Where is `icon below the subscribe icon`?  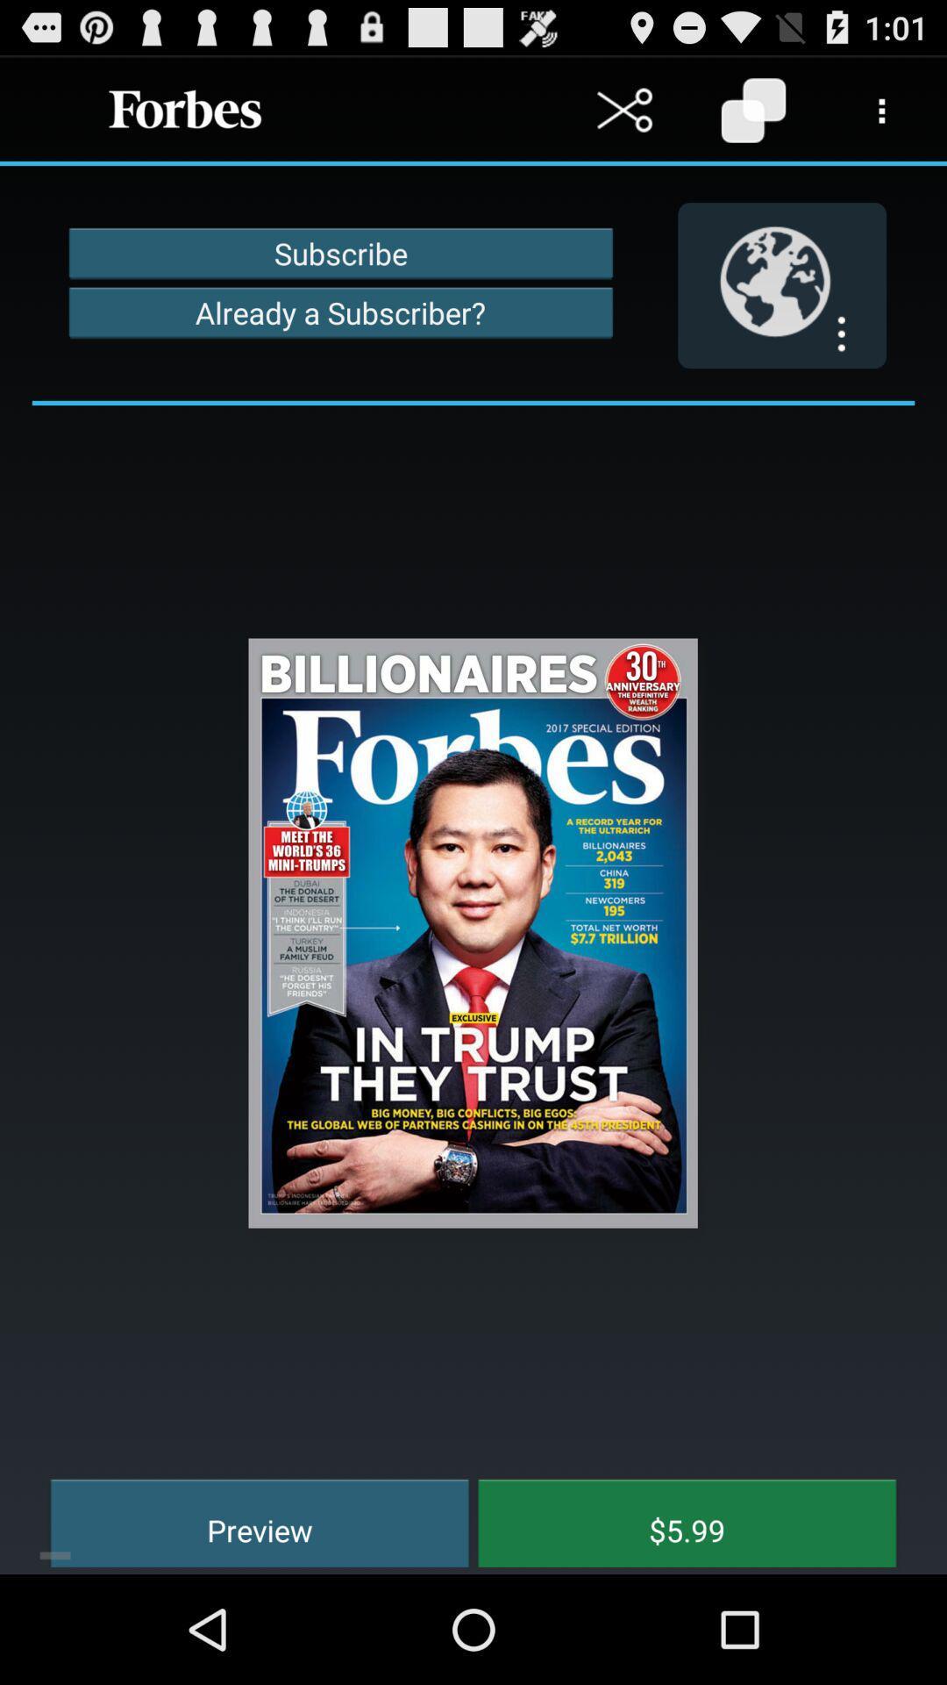
icon below the subscribe icon is located at coordinates (340, 312).